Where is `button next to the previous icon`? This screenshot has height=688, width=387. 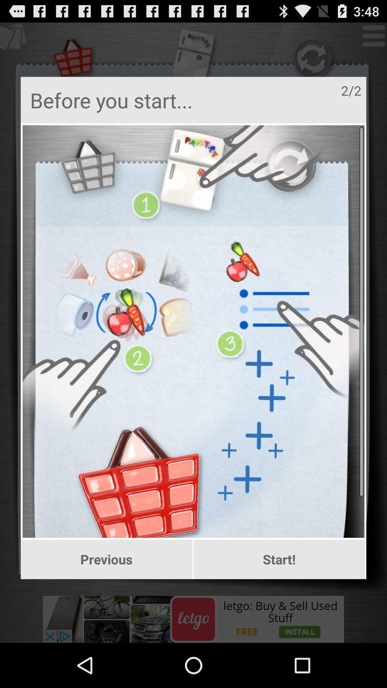
button next to the previous icon is located at coordinates (279, 559).